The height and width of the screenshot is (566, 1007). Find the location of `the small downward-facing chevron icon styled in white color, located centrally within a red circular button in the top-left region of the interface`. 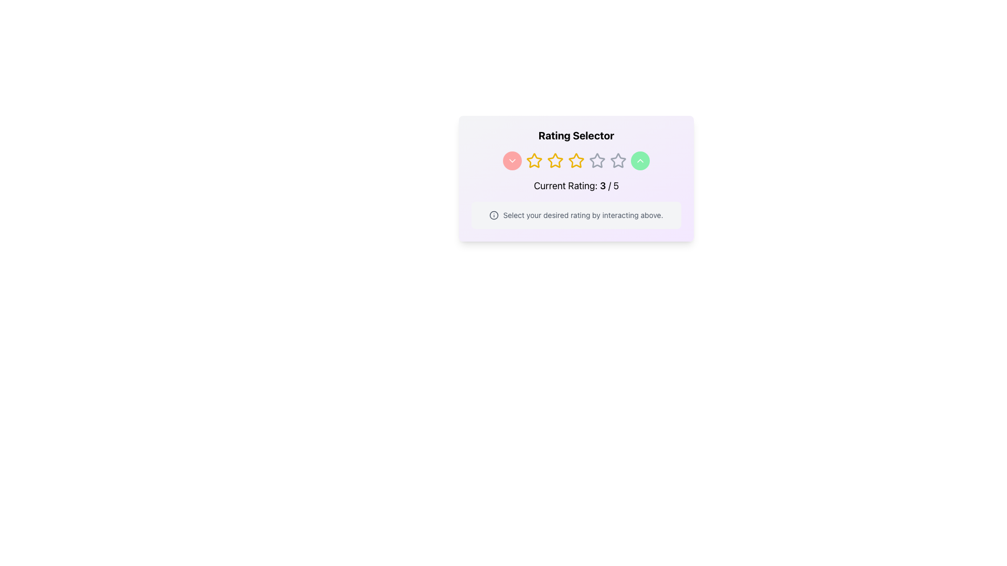

the small downward-facing chevron icon styled in white color, located centrally within a red circular button in the top-left region of the interface is located at coordinates (512, 161).